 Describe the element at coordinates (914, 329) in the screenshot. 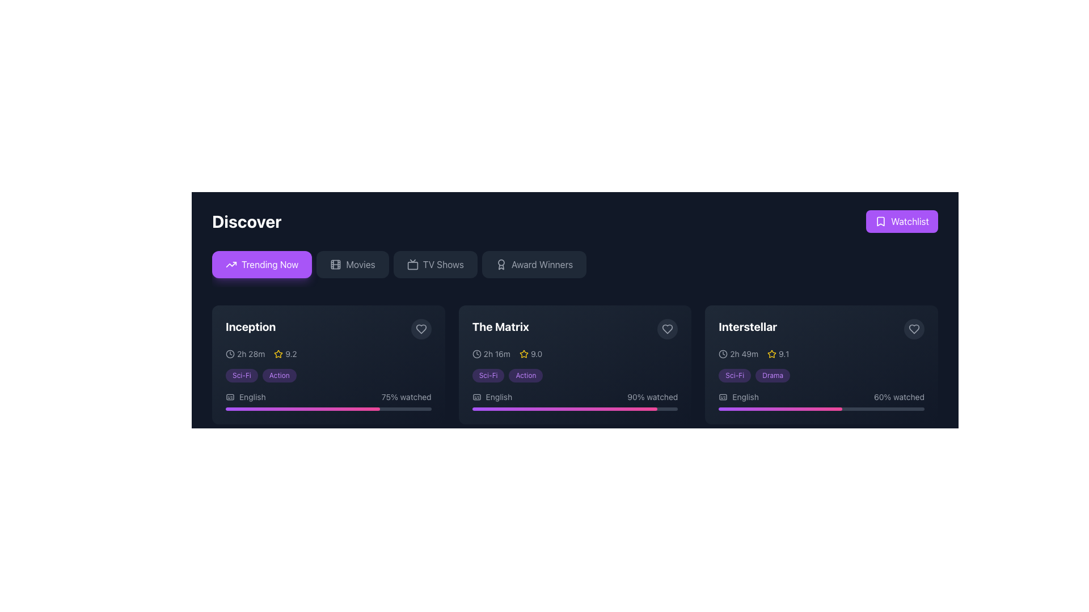

I see `the heart-shaped icon within the favorite button on the movie card for 'Interstellar'` at that location.